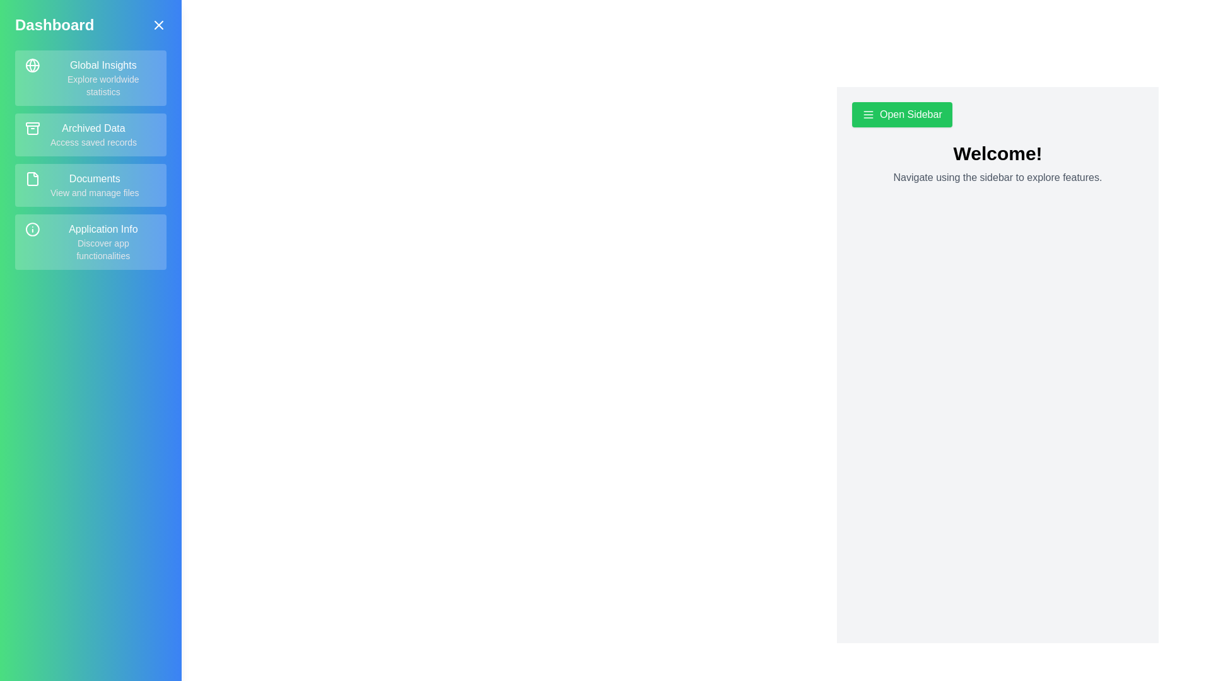  What do you see at coordinates (90, 134) in the screenshot?
I see `the menu item Archived Data in the sidebar` at bounding box center [90, 134].